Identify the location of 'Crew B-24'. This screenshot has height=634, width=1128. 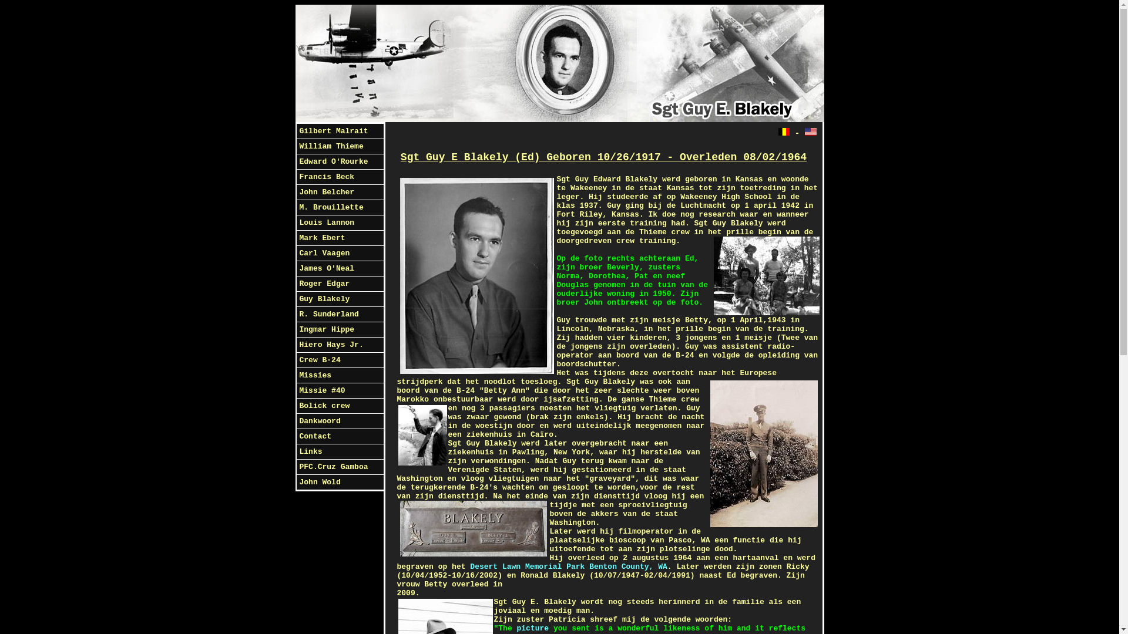
(338, 359).